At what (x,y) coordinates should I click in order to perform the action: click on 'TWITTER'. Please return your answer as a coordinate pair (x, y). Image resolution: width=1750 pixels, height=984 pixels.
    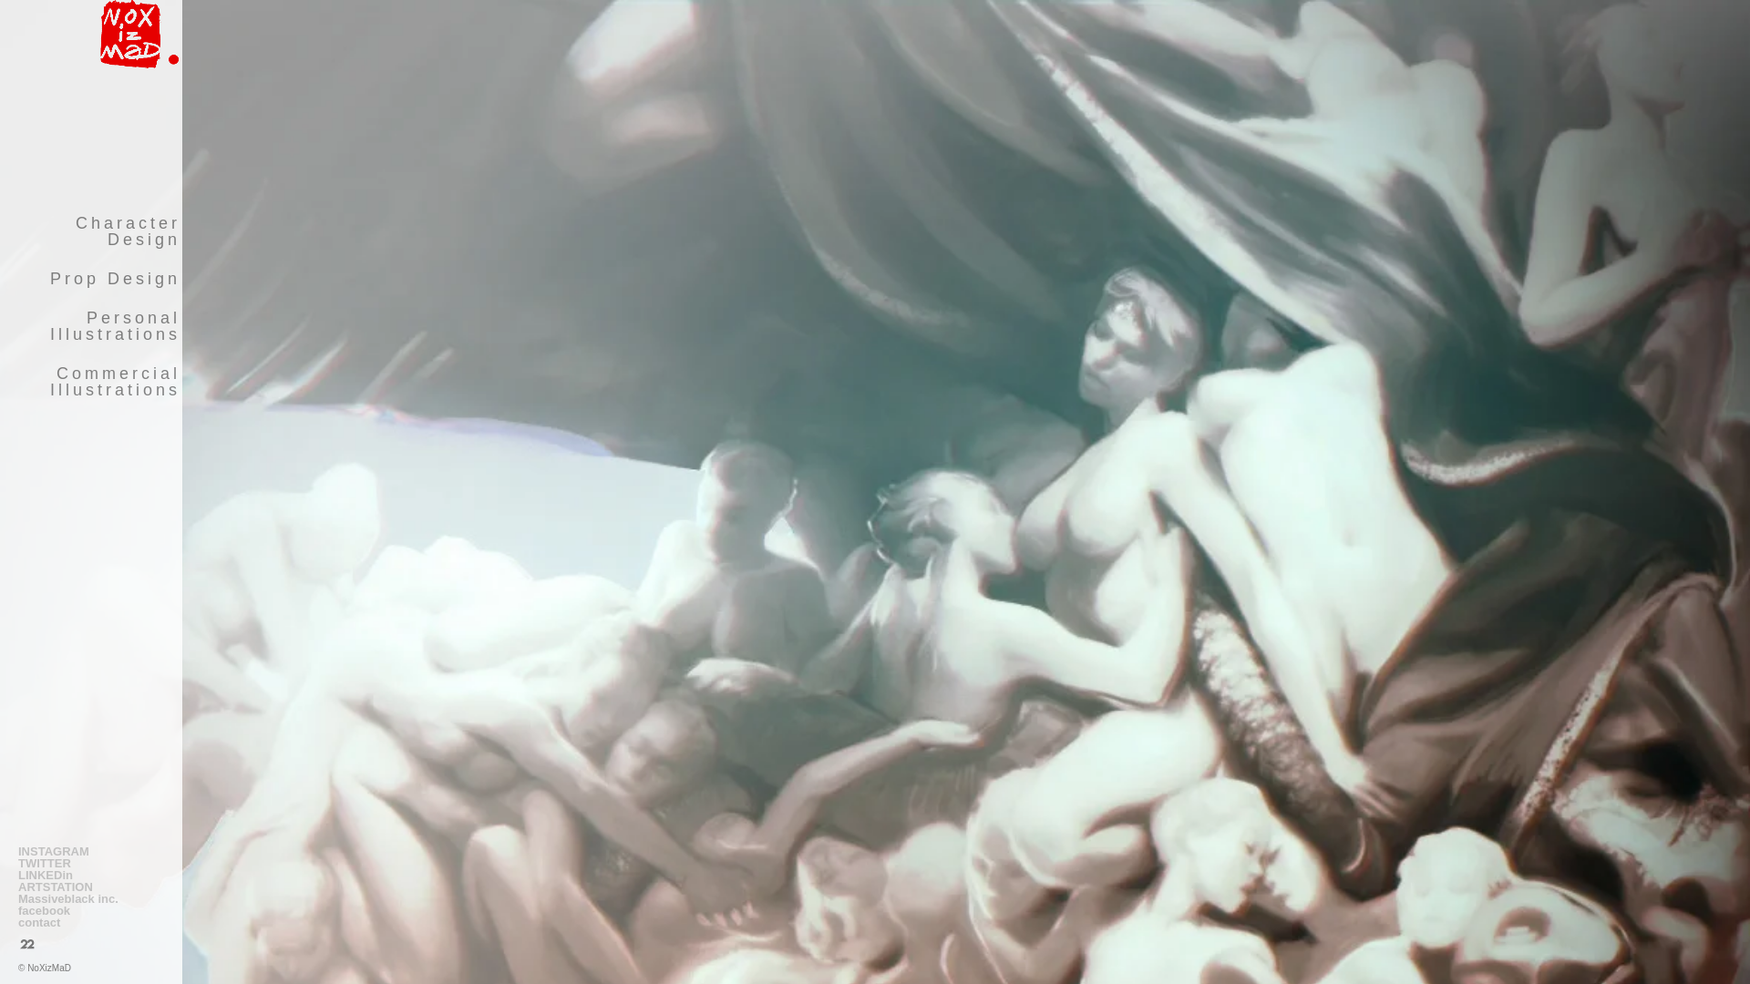
    Looking at the image, I should click on (90, 862).